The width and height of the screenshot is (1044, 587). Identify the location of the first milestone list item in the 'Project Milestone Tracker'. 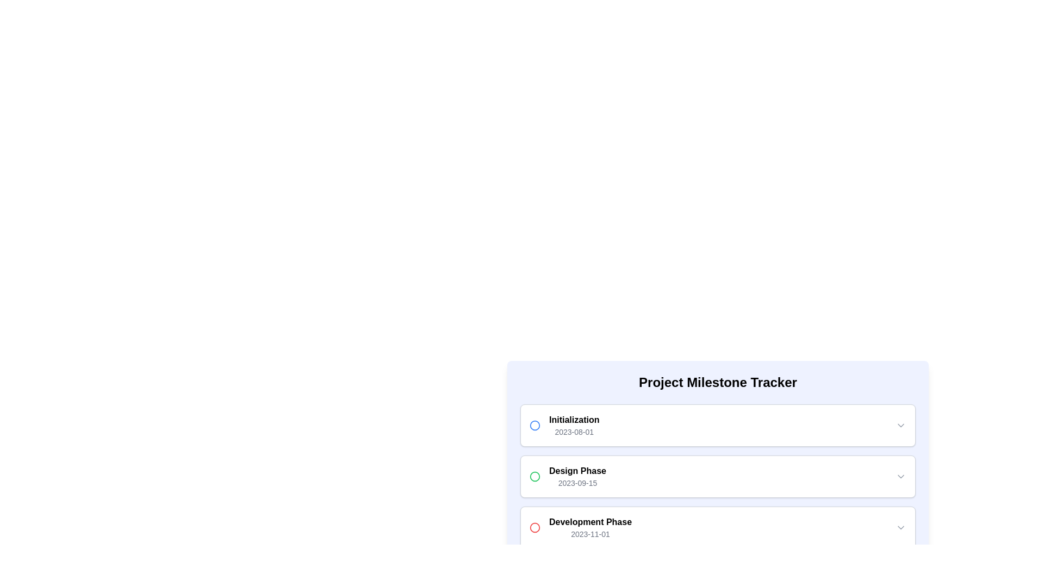
(564, 425).